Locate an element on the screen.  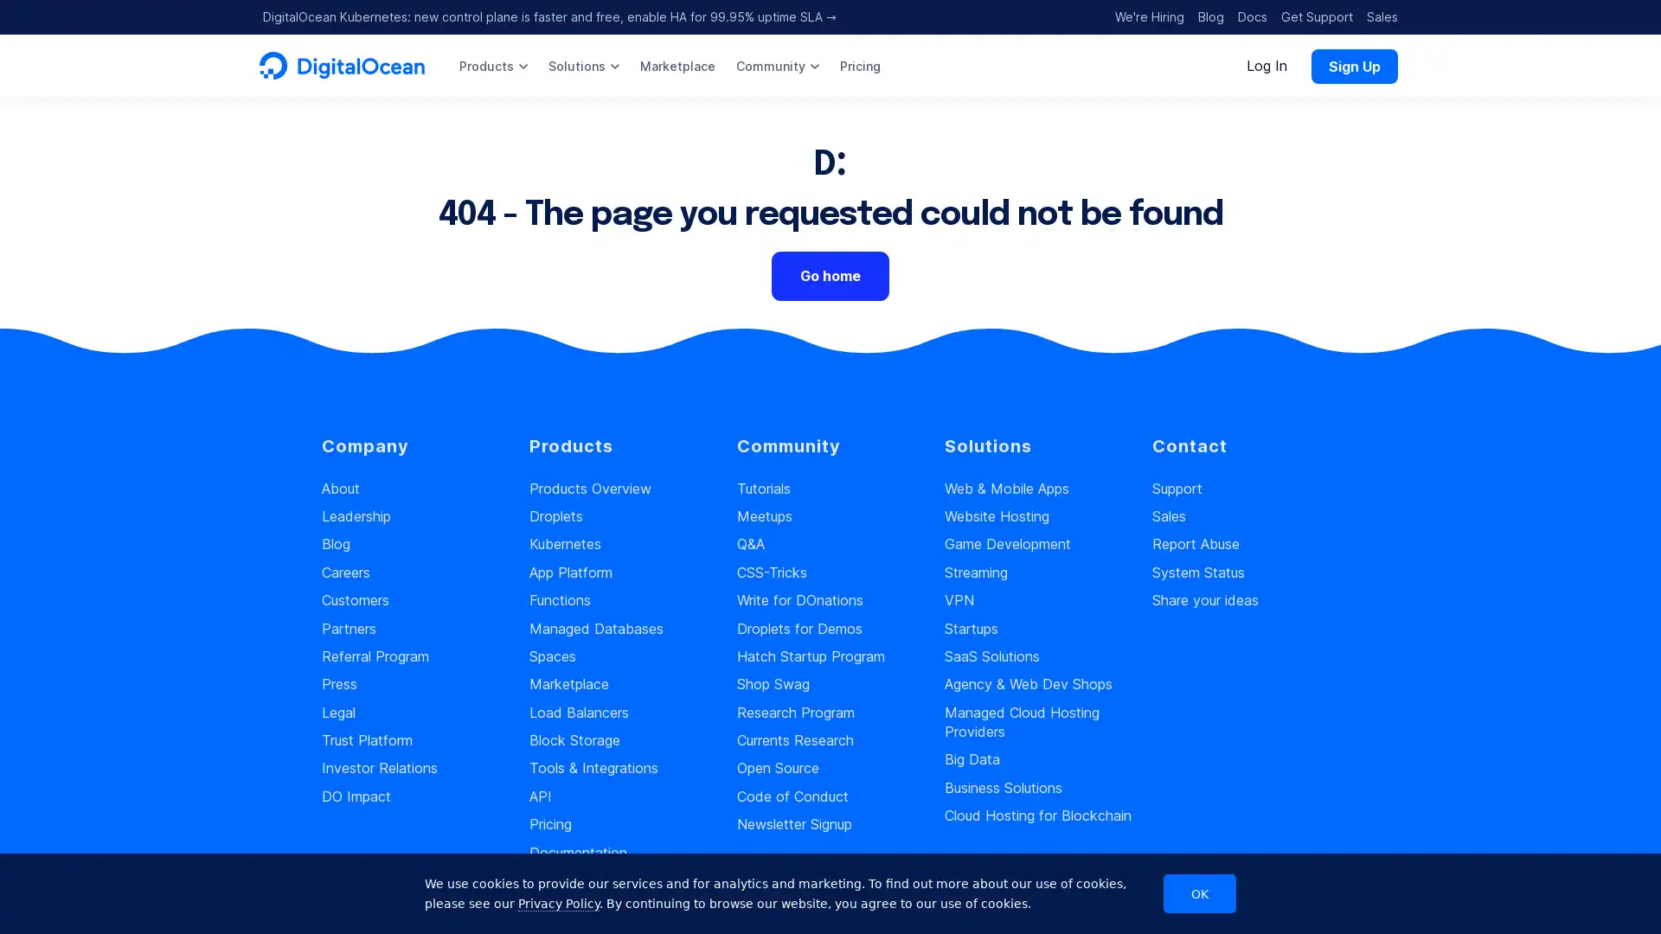
Log In is located at coordinates (1267, 65).